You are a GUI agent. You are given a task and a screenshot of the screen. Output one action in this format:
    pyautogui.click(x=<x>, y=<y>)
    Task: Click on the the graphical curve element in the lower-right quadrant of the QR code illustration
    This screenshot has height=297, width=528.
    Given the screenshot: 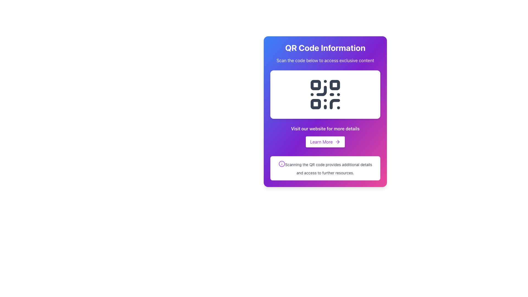 What is the action you would take?
    pyautogui.click(x=334, y=104)
    